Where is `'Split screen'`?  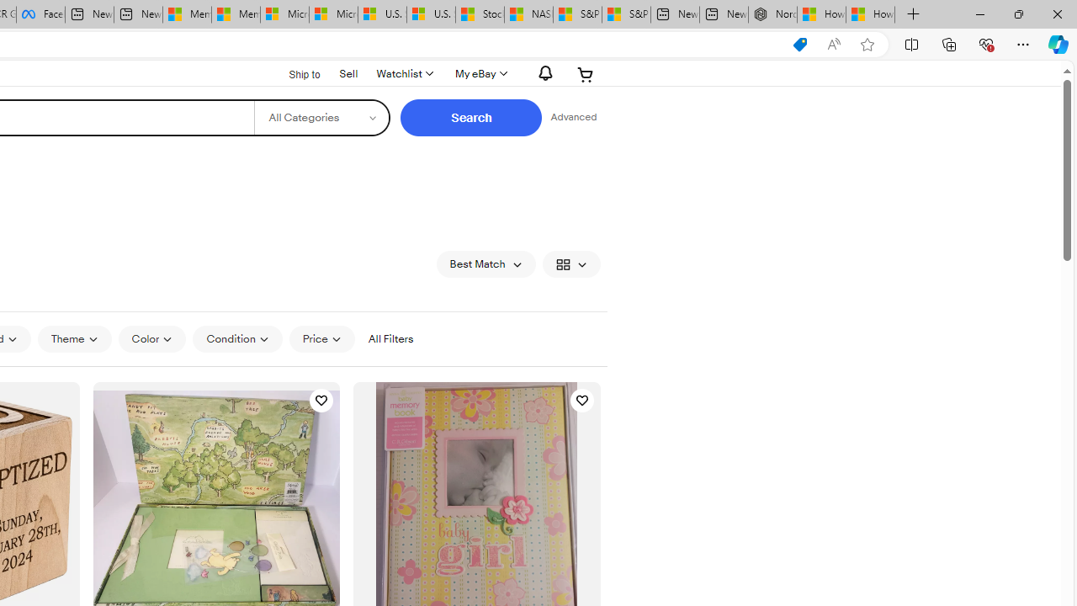
'Split screen' is located at coordinates (910, 43).